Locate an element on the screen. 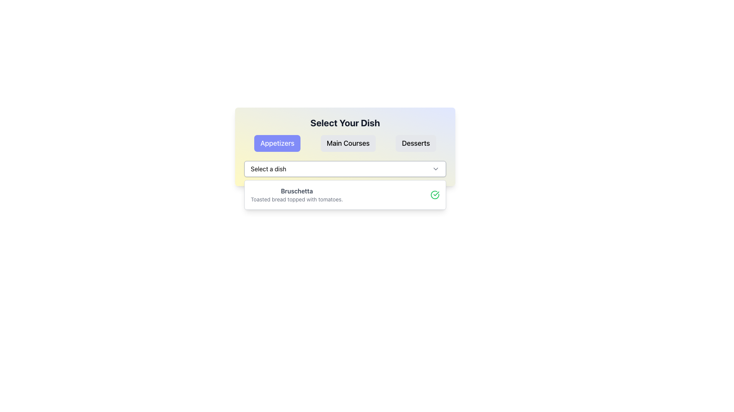  the 'Bruschetta' option in the dropdown list is located at coordinates (344, 194).